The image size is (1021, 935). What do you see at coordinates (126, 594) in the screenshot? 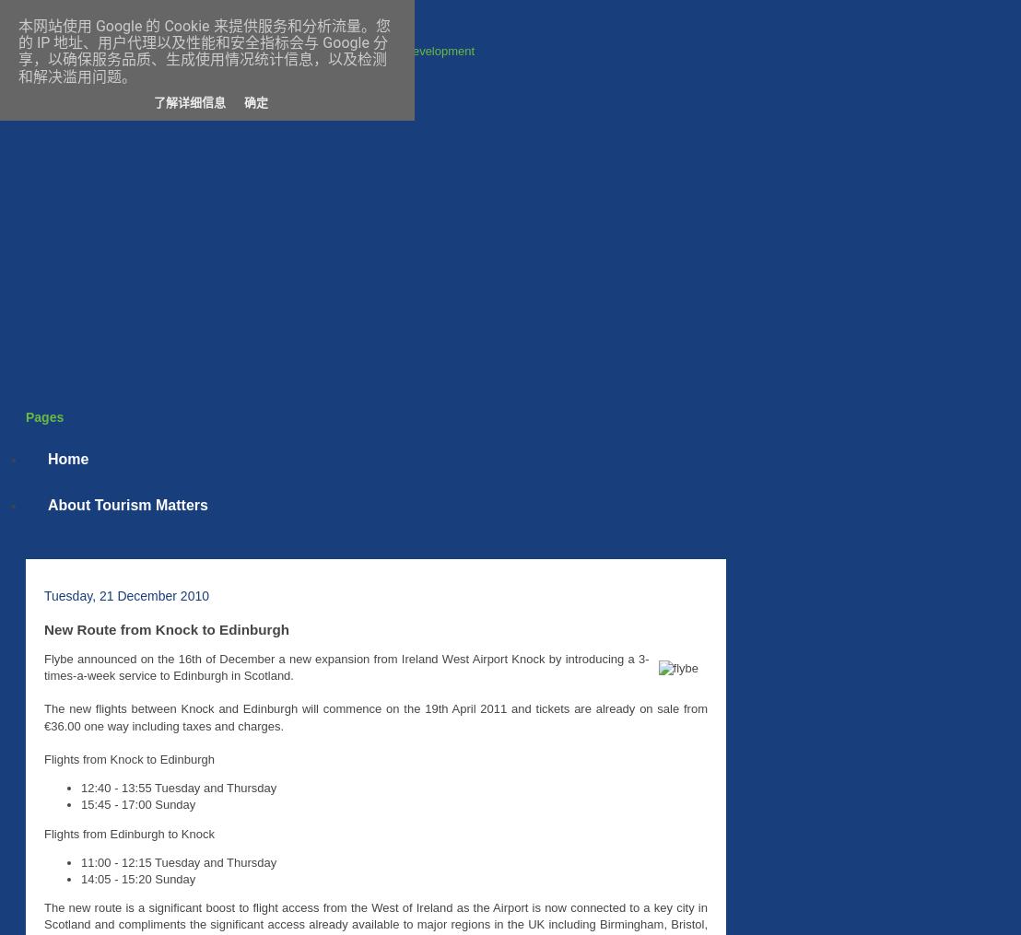
I see `'Tuesday, 21 December 2010'` at bounding box center [126, 594].